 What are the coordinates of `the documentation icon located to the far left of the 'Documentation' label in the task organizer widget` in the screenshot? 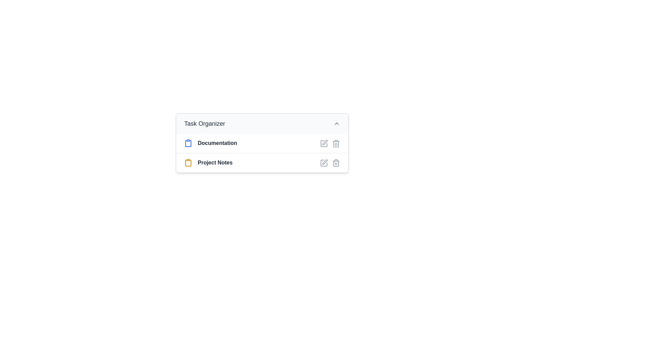 It's located at (188, 143).